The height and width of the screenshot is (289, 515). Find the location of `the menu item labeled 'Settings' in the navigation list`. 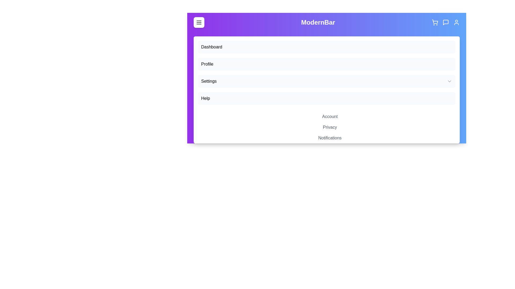

the menu item labeled 'Settings' in the navigation list is located at coordinates (326, 81).